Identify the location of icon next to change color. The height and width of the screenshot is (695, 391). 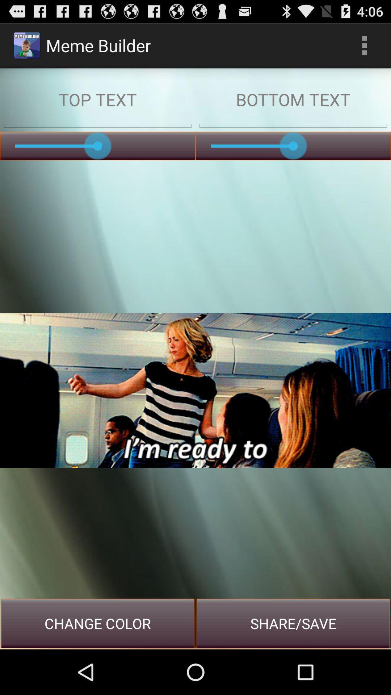
(293, 623).